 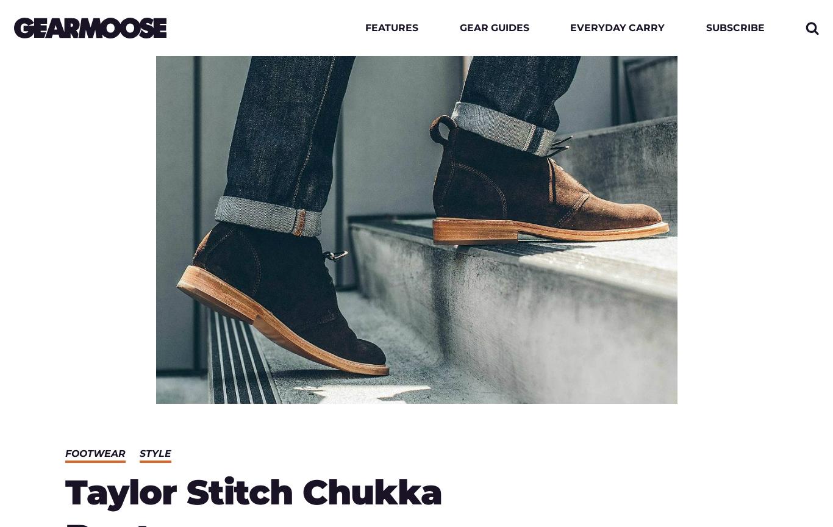 What do you see at coordinates (364, 27) in the screenshot?
I see `'Features'` at bounding box center [364, 27].